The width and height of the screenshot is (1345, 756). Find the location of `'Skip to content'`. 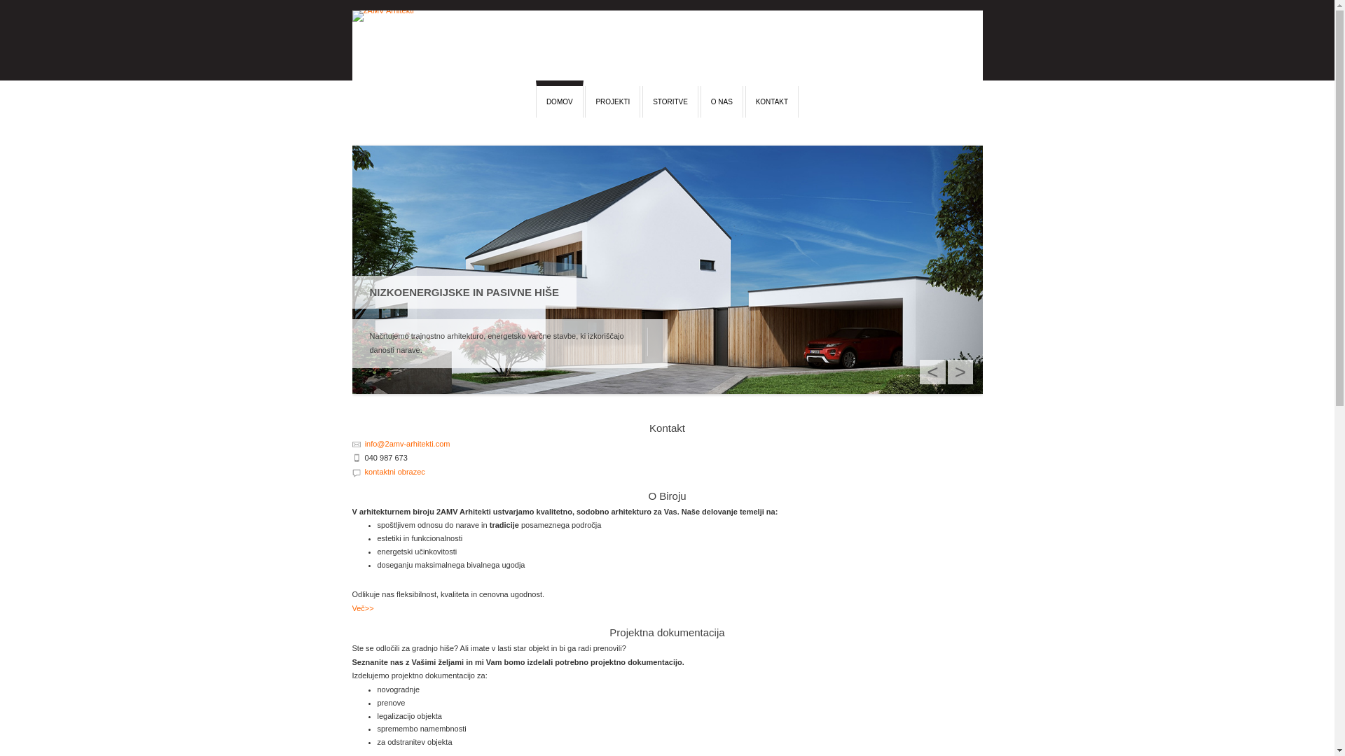

'Skip to content' is located at coordinates (352, 86).